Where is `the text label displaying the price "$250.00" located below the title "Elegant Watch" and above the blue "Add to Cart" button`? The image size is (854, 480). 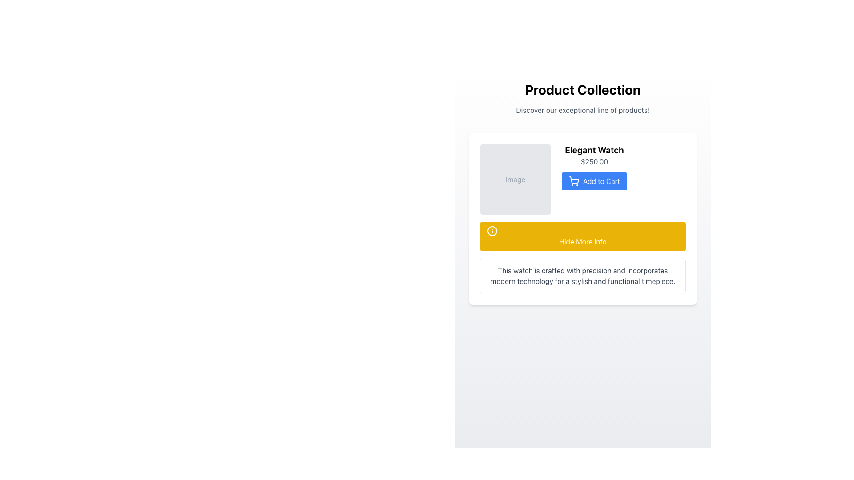 the text label displaying the price "$250.00" located below the title "Elegant Watch" and above the blue "Add to Cart" button is located at coordinates (594, 161).